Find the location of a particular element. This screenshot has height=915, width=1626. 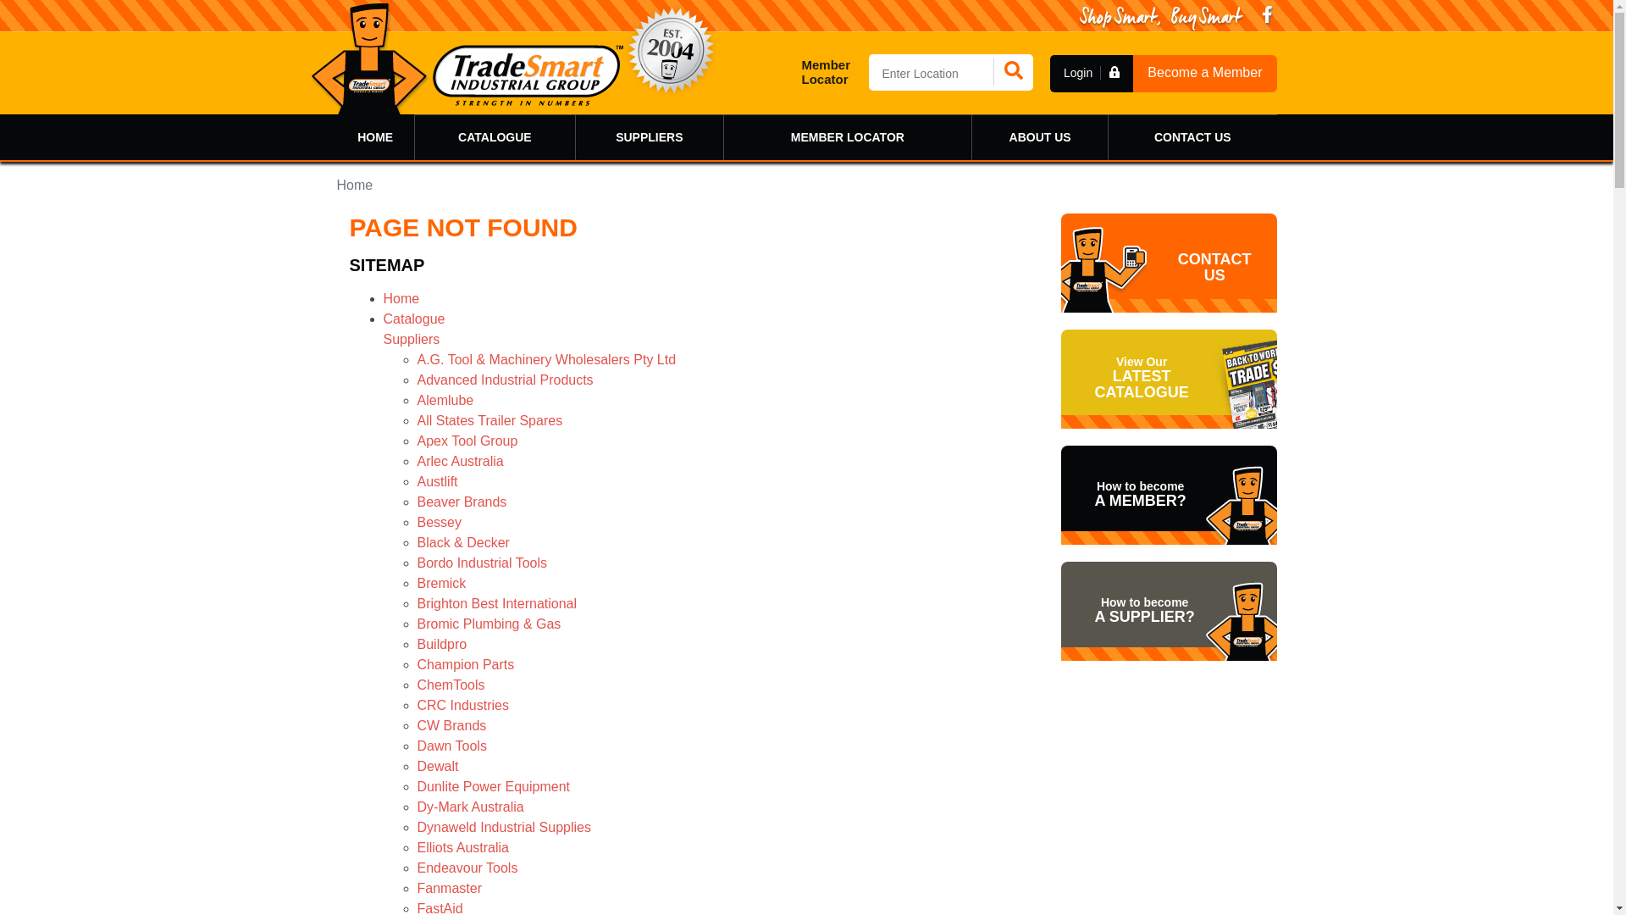

'How to become is located at coordinates (1167, 611).